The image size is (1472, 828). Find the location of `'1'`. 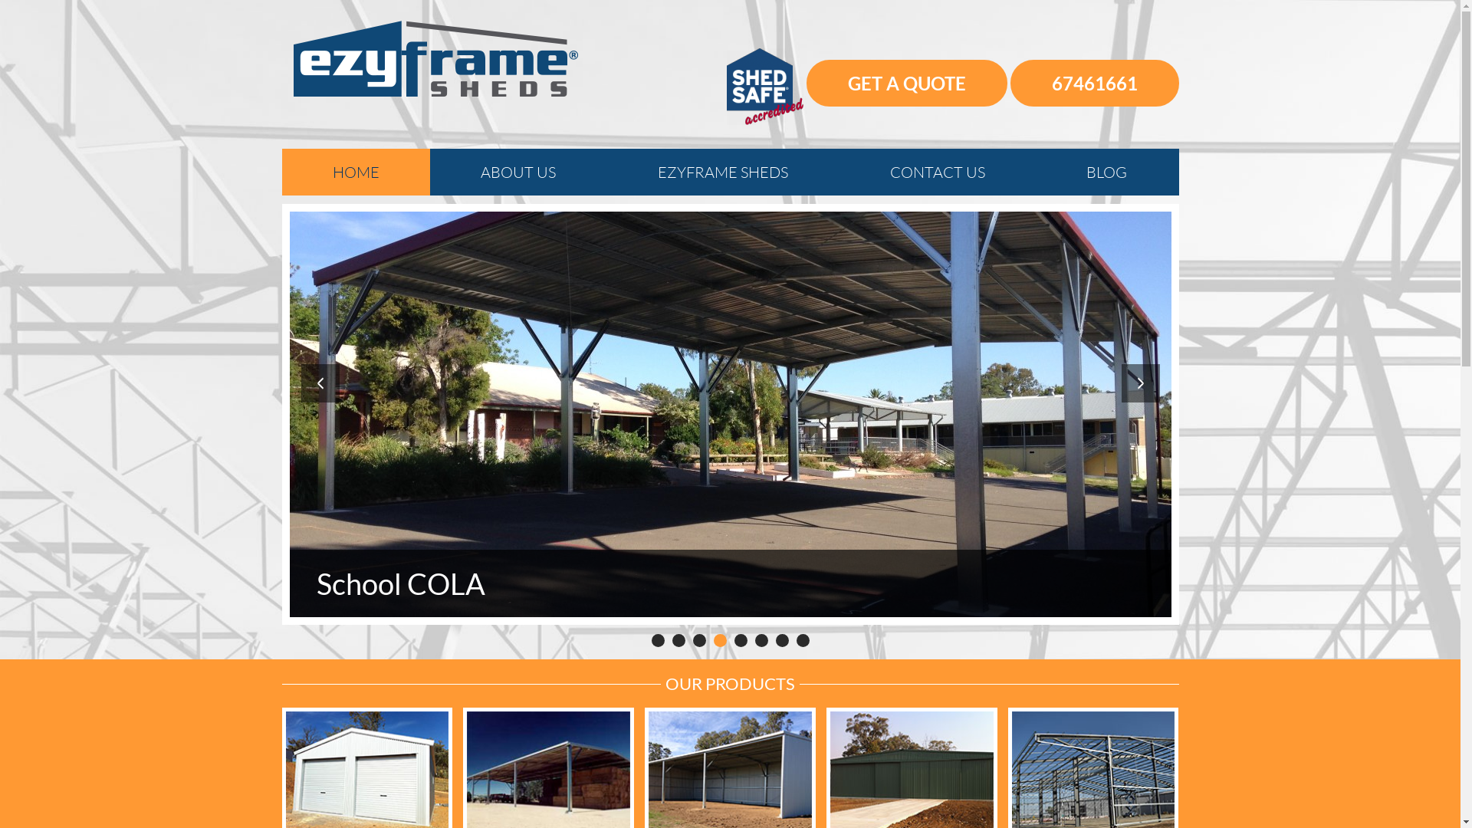

'1' is located at coordinates (658, 640).